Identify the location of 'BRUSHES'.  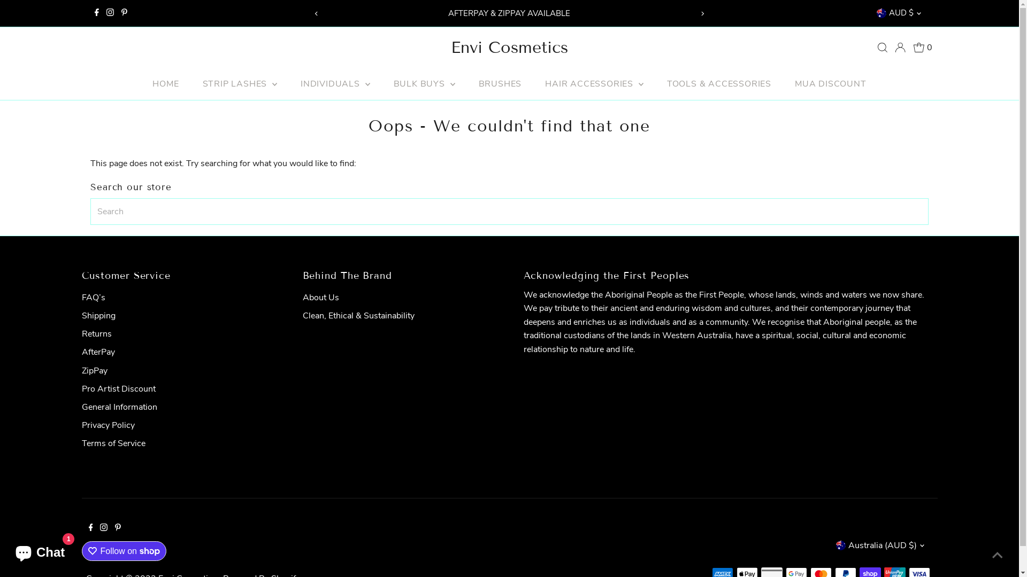
(500, 83).